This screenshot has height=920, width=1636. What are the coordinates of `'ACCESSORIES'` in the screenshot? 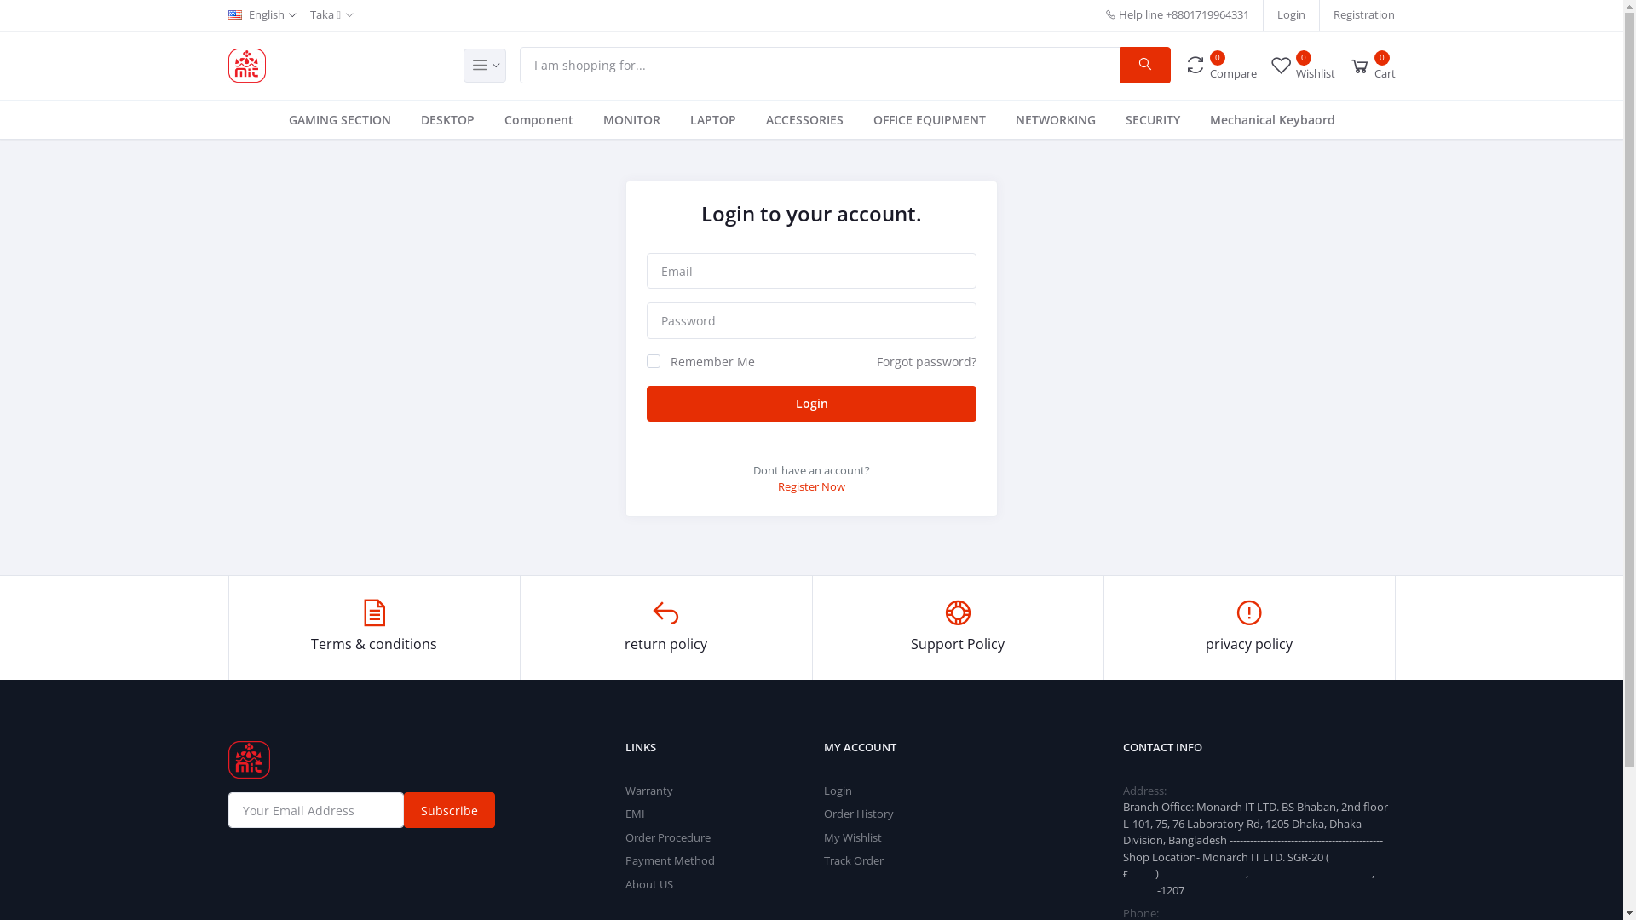 It's located at (803, 118).